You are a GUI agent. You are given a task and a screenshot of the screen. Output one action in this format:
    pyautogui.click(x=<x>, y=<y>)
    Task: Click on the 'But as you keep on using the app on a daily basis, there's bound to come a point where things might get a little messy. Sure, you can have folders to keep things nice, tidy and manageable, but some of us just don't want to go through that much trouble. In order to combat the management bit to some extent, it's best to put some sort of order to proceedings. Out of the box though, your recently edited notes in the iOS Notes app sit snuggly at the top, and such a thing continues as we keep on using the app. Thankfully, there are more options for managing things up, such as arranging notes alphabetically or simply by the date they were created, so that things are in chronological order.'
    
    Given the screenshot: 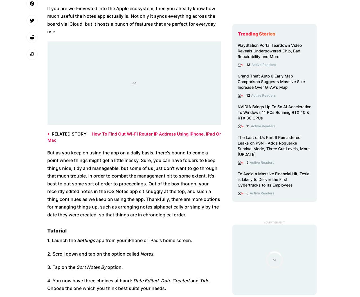 What is the action you would take?
    pyautogui.click(x=133, y=183)
    